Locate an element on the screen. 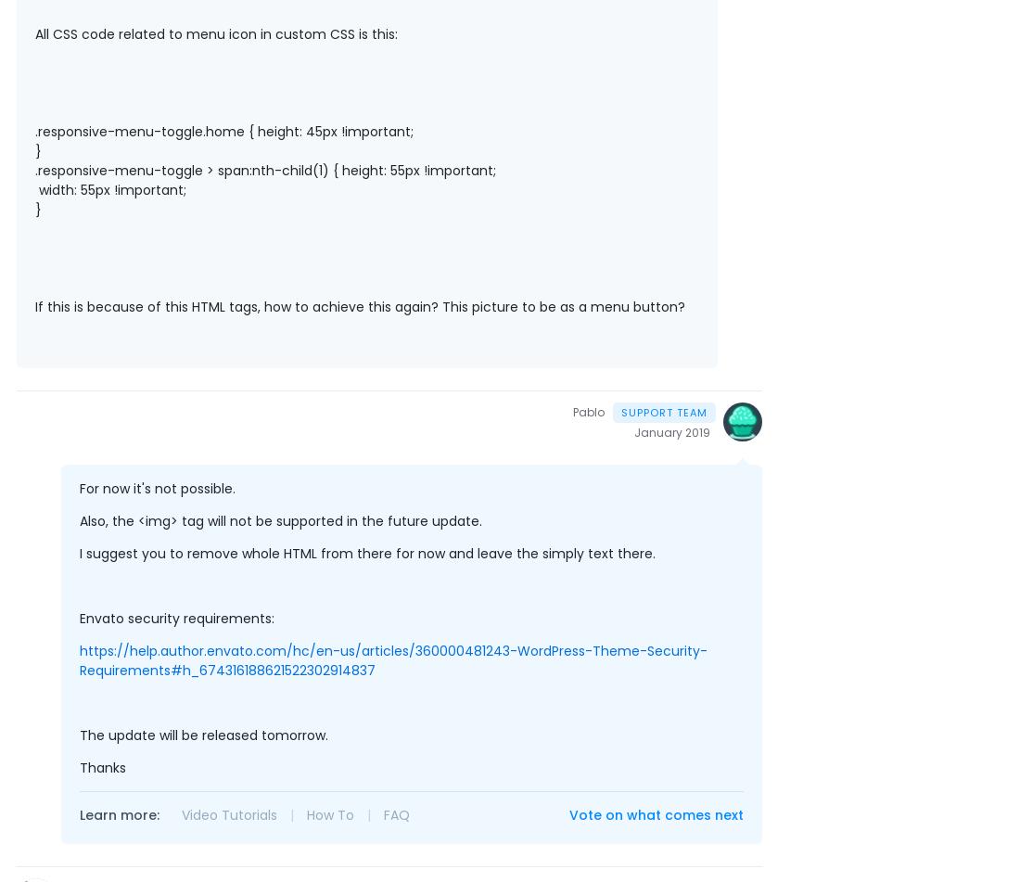 This screenshot has height=882, width=1020. '.responsive-menu-toggle.home { height: 45px !important;' is located at coordinates (33, 131).